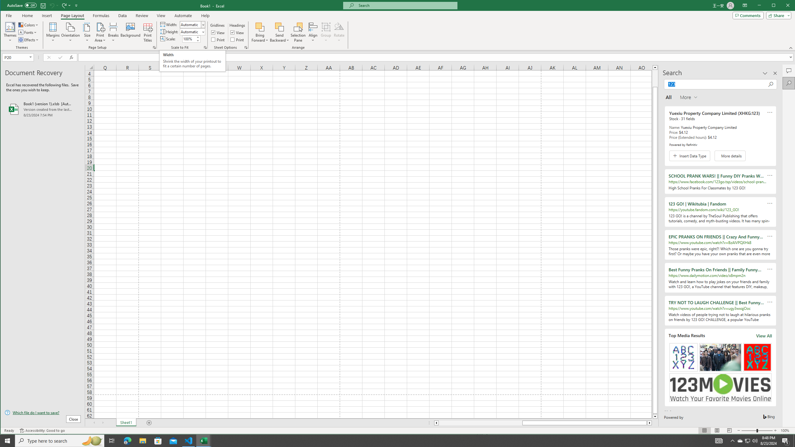 This screenshot has height=447, width=795. What do you see at coordinates (91, 440) in the screenshot?
I see `'Search highlights icon opens search home window'` at bounding box center [91, 440].